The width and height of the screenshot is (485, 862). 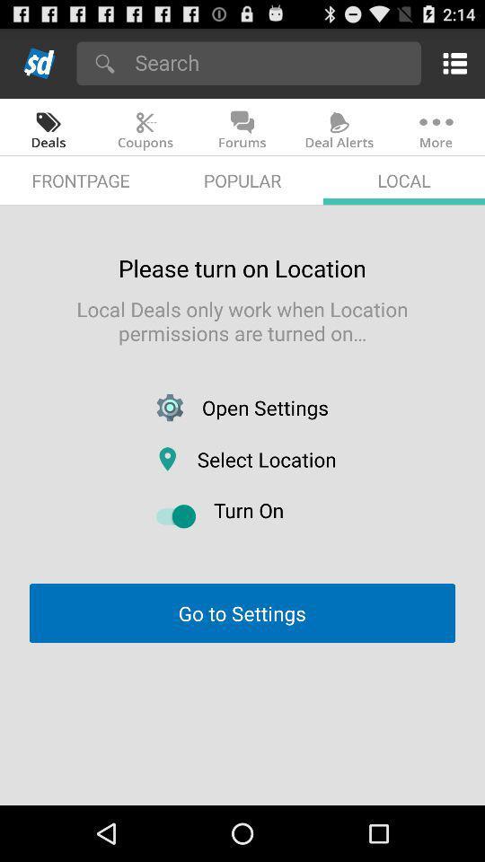 What do you see at coordinates (80, 180) in the screenshot?
I see `frontpage icon` at bounding box center [80, 180].